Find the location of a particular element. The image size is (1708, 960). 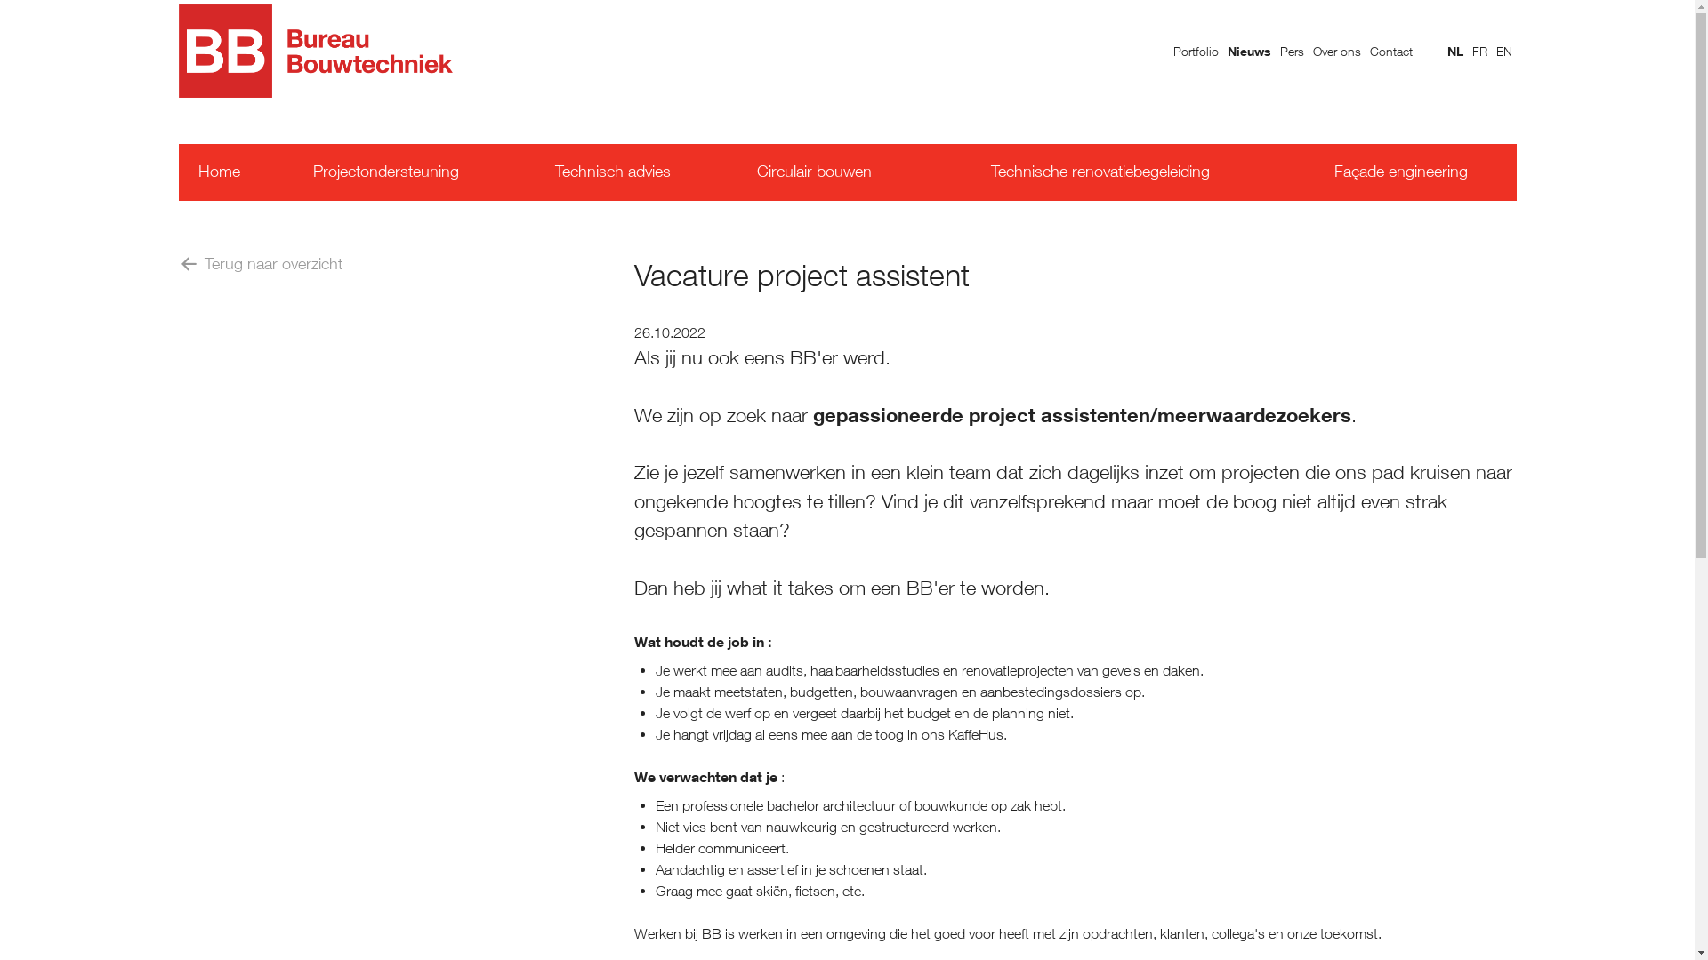

'FR' is located at coordinates (1479, 50).